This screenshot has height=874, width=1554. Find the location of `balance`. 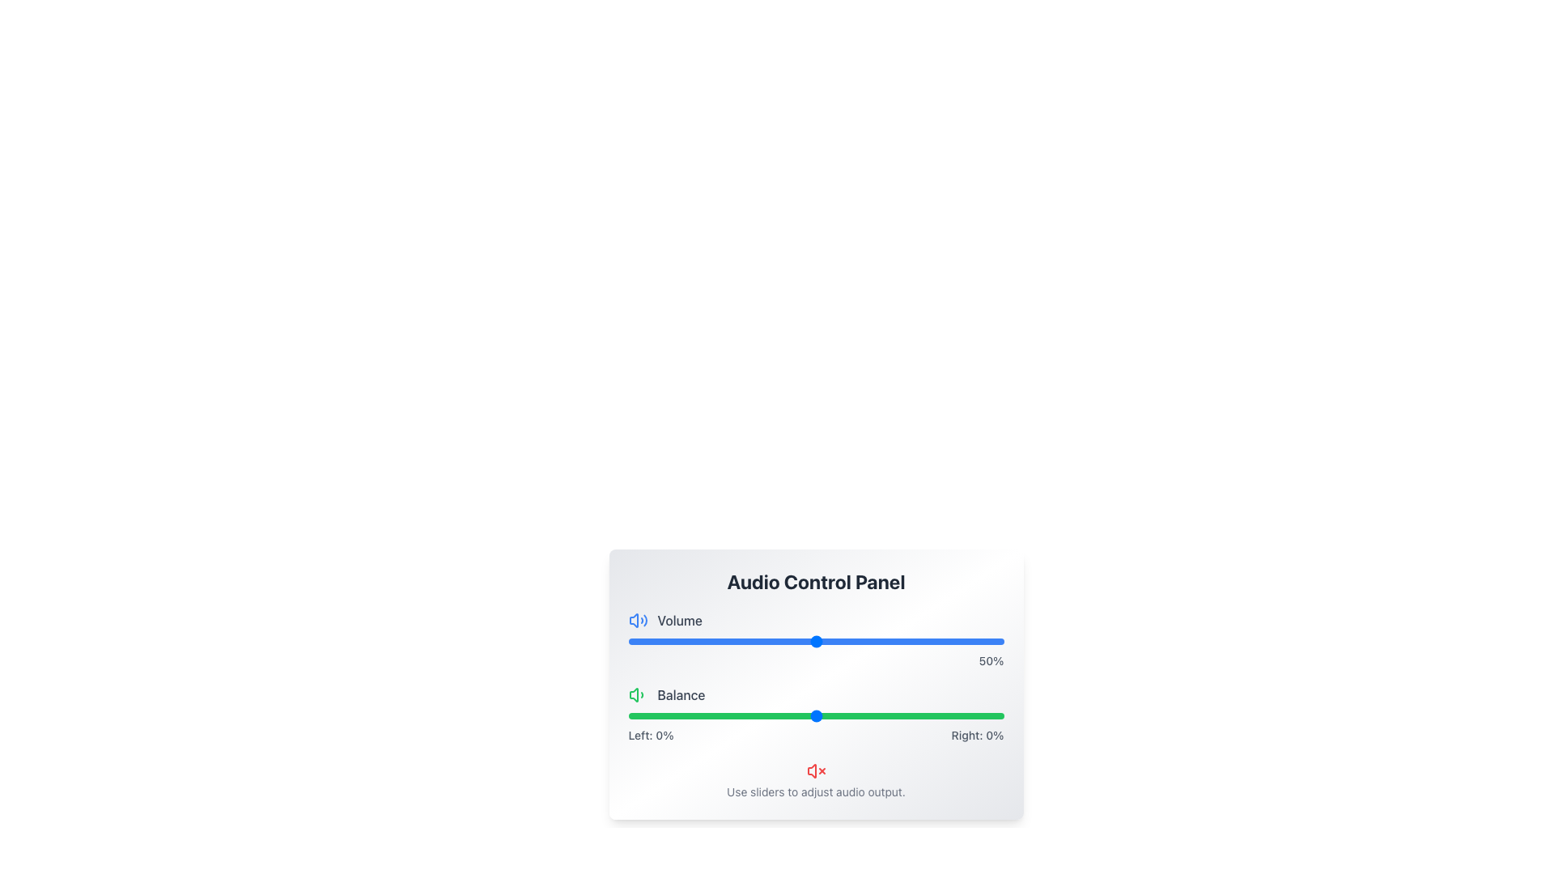

balance is located at coordinates (962, 715).